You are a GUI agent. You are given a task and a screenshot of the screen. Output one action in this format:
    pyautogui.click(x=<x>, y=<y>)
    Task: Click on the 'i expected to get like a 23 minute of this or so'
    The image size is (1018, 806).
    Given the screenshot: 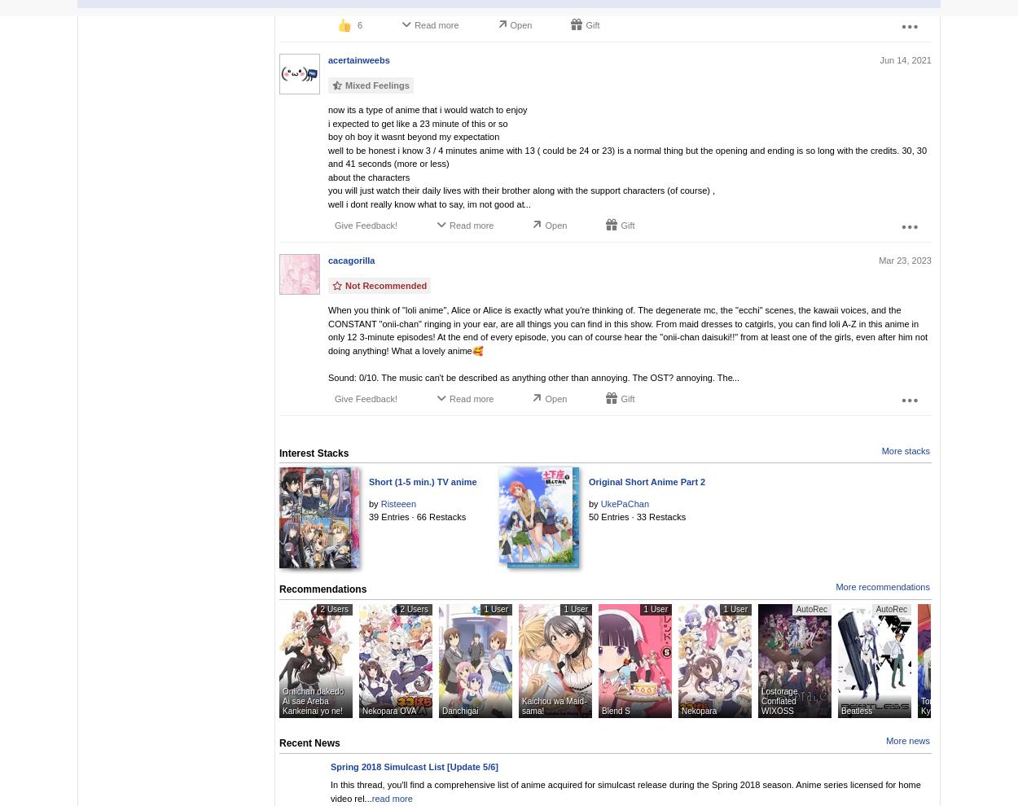 What is the action you would take?
    pyautogui.click(x=418, y=122)
    